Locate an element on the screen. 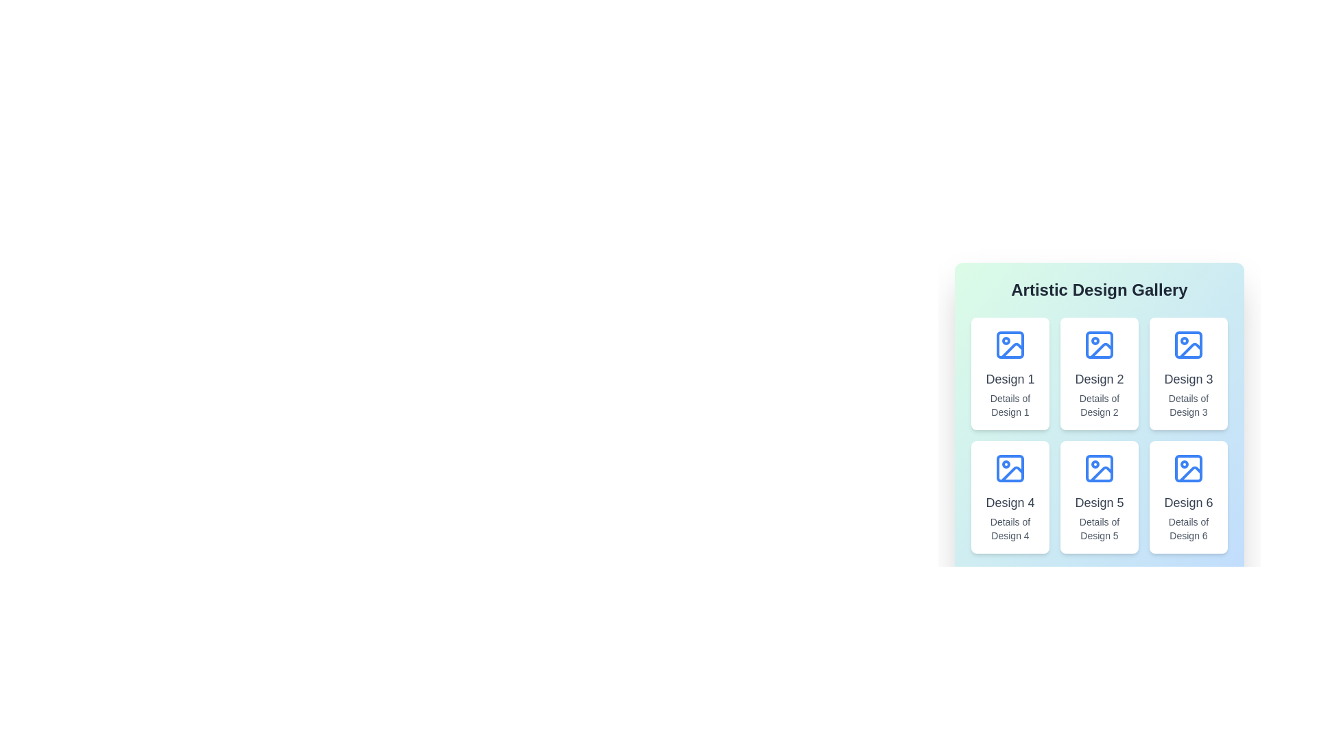 This screenshot has height=741, width=1317. the blue icon resembling a generic image representation, located at the top center of the card labeled 'Design 1' with the subtitle 'Details of Design 1' is located at coordinates (1010, 344).